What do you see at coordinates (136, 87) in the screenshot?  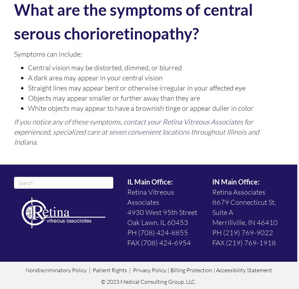 I see `'Straight lines may appear bent or otherwise irregular in your affected eye'` at bounding box center [136, 87].